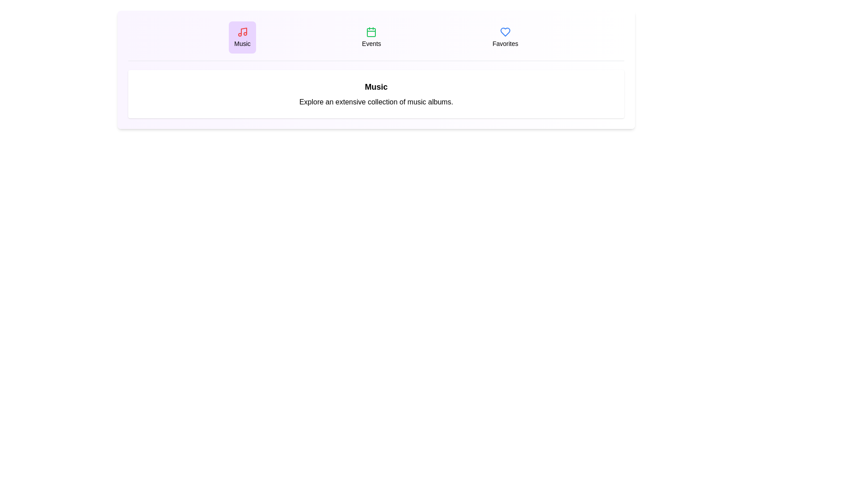  Describe the element at coordinates (505, 37) in the screenshot. I see `the tab labeled Favorites to view its content` at that location.